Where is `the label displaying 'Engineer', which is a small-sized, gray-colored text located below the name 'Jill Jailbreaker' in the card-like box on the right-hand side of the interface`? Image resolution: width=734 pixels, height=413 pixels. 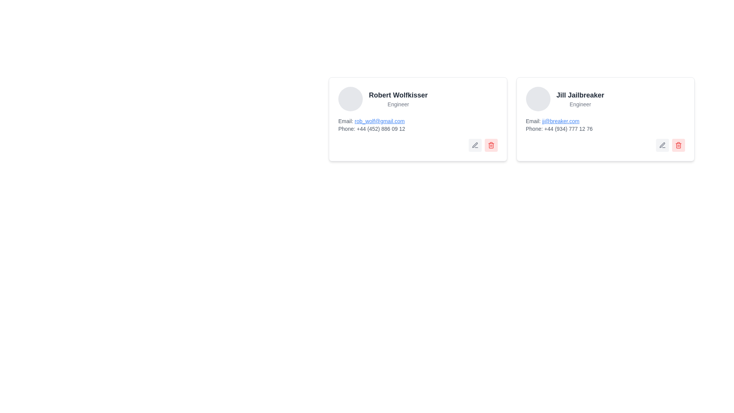
the label displaying 'Engineer', which is a small-sized, gray-colored text located below the name 'Jill Jailbreaker' in the card-like box on the right-hand side of the interface is located at coordinates (580, 104).